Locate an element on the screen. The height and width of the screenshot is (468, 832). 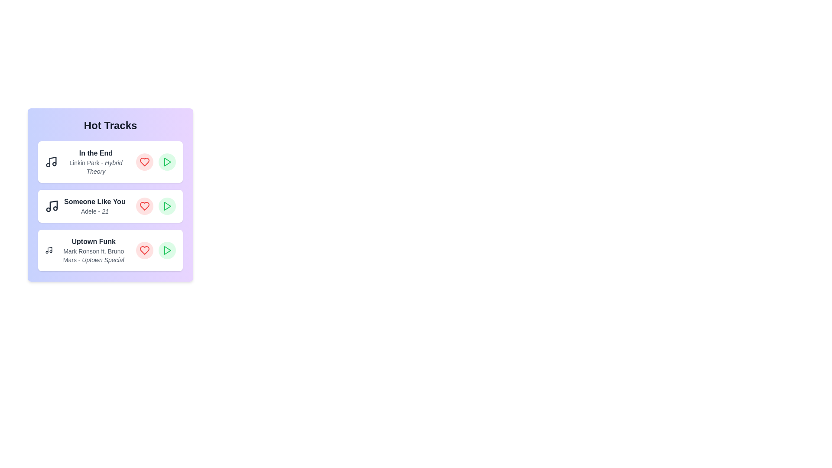
heart button for the track Someone Like You to mark it as liked is located at coordinates (145, 206).